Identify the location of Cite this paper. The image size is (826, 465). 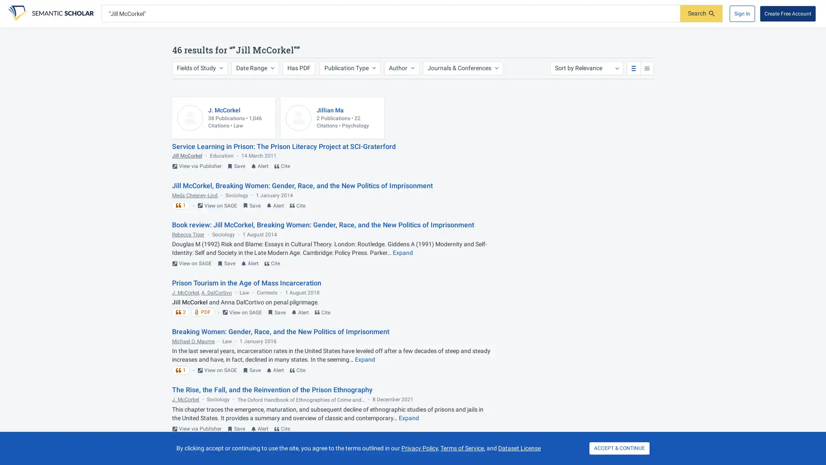
(272, 263).